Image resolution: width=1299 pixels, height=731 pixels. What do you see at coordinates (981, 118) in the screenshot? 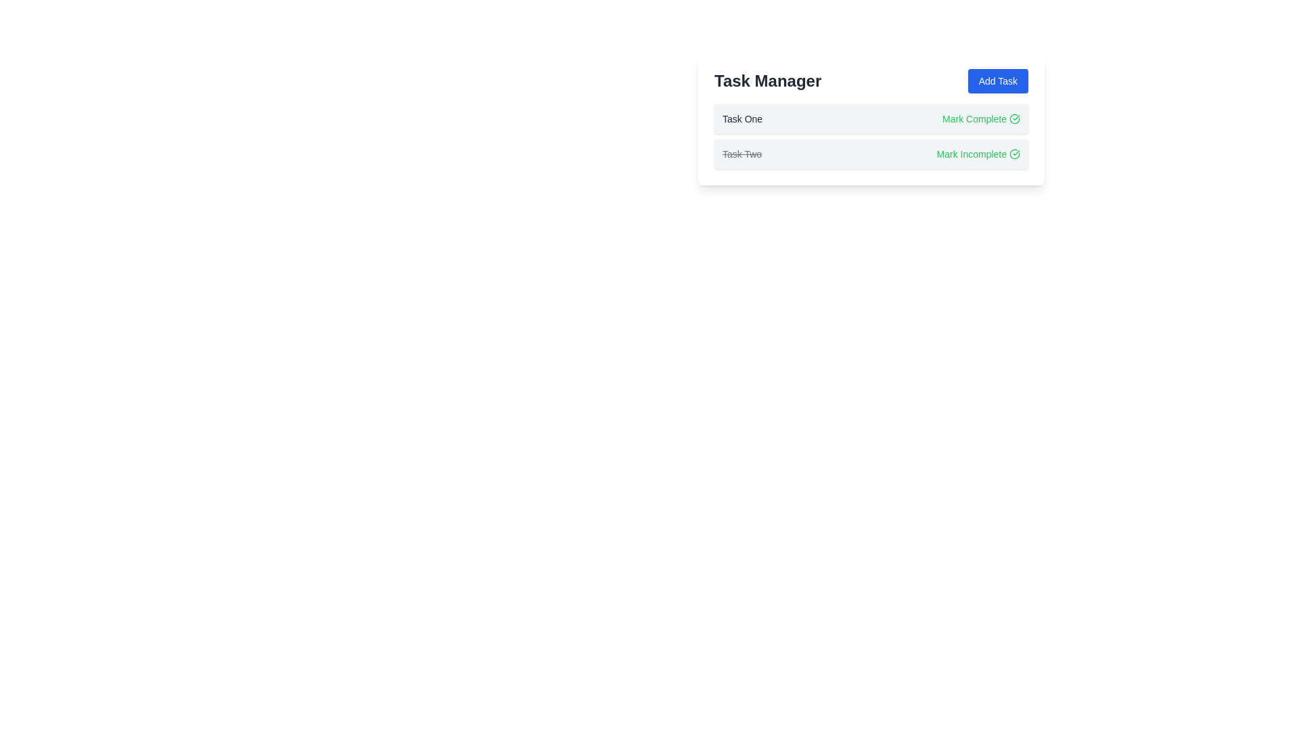
I see `the action button located on the right side of the first row in a task list, adjacent to 'Task One'` at bounding box center [981, 118].